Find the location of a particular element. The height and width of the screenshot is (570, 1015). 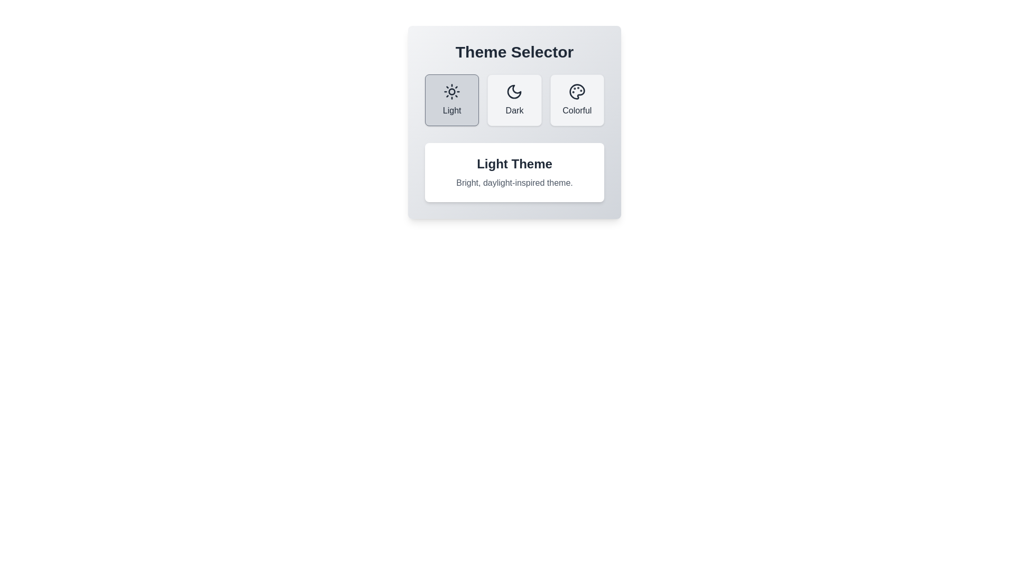

the third card in the 'Theme Selector' labeled 'Colorful' is located at coordinates (576, 100).